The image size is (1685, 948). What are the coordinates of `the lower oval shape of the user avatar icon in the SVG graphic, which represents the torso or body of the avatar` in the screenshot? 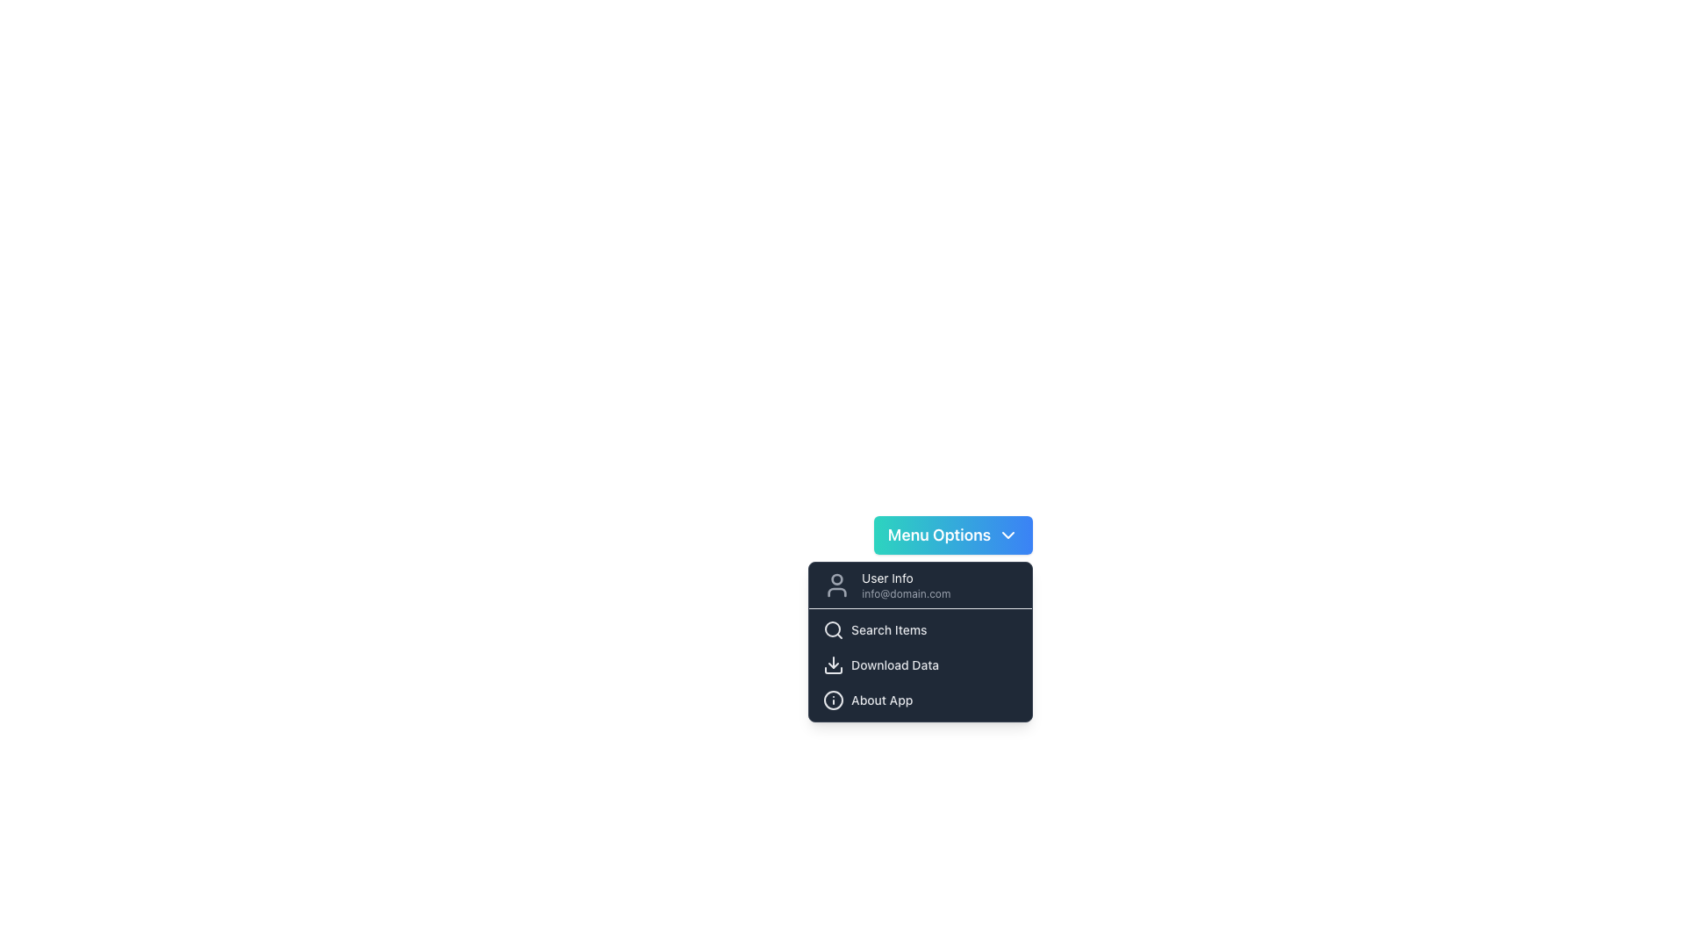 It's located at (836, 592).